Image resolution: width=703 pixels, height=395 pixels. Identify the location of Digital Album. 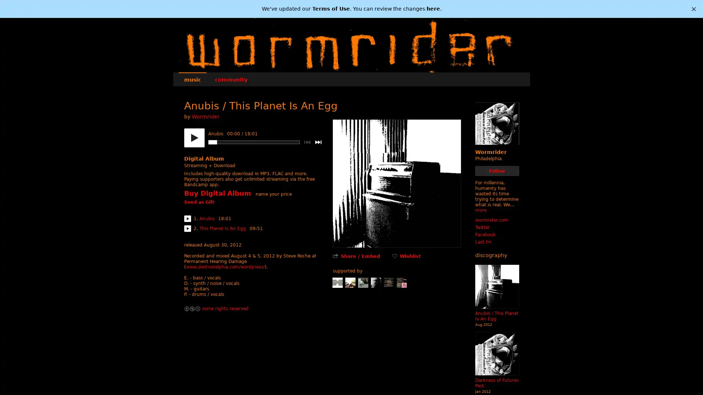
(204, 158).